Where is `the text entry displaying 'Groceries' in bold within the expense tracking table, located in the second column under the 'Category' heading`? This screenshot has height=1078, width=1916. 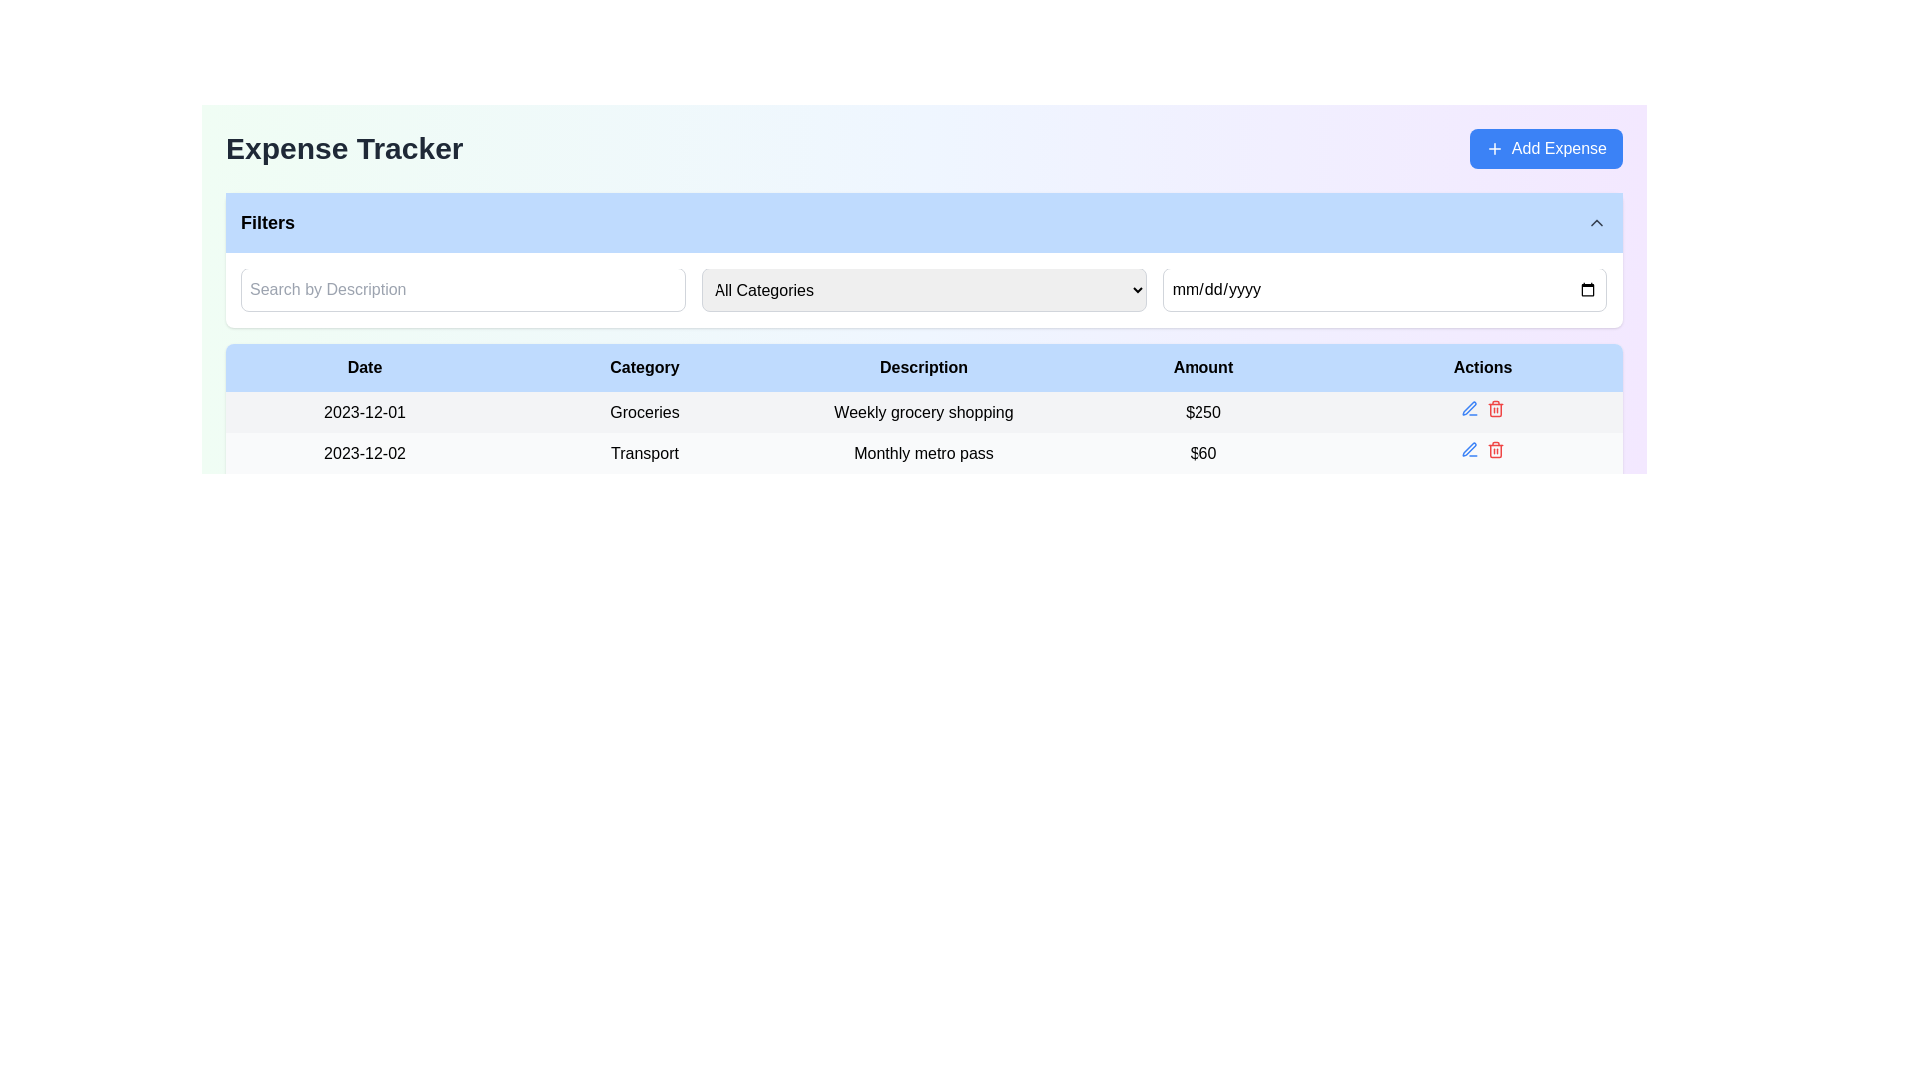
the text entry displaying 'Groceries' in bold within the expense tracking table, located in the second column under the 'Category' heading is located at coordinates (645, 411).